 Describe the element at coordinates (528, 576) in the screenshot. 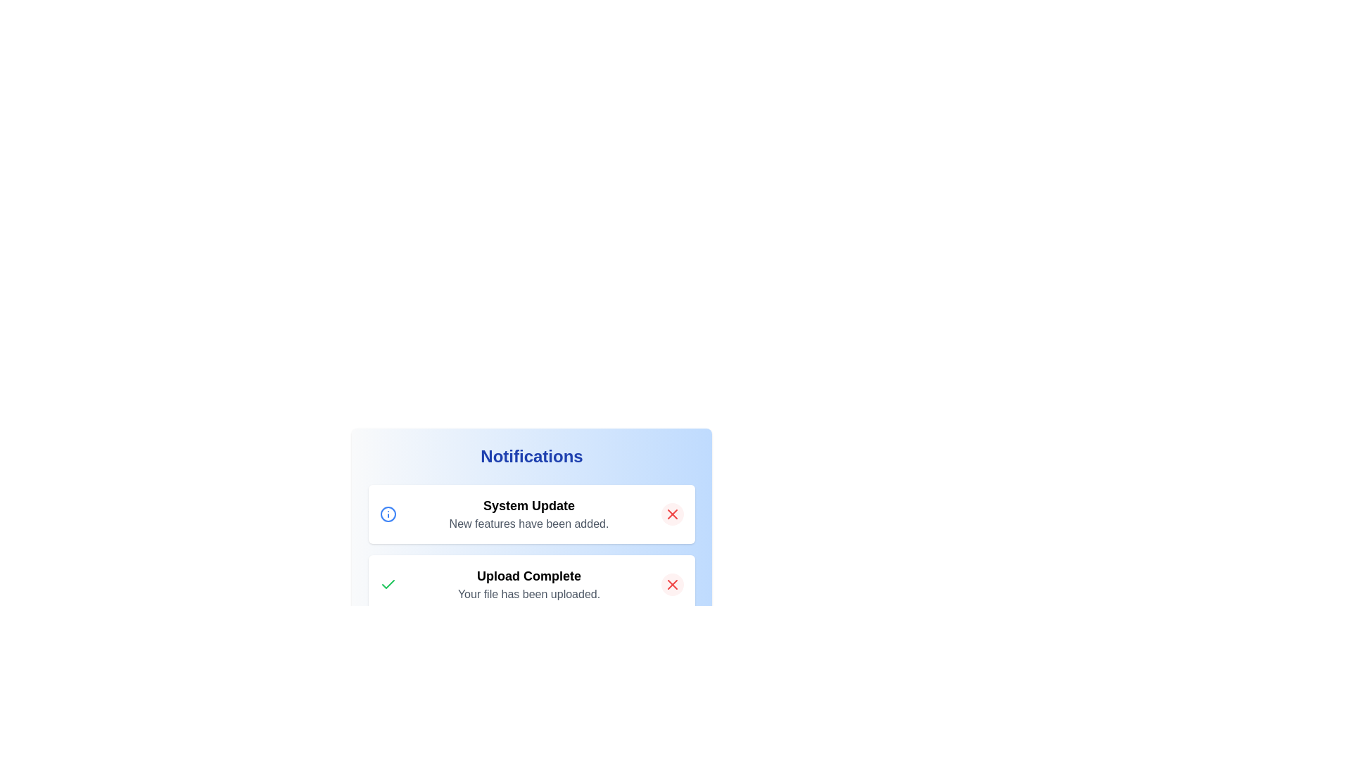

I see `text displayed in the bold text label stating 'Upload Complete', which serves as the title for the notification card` at that location.